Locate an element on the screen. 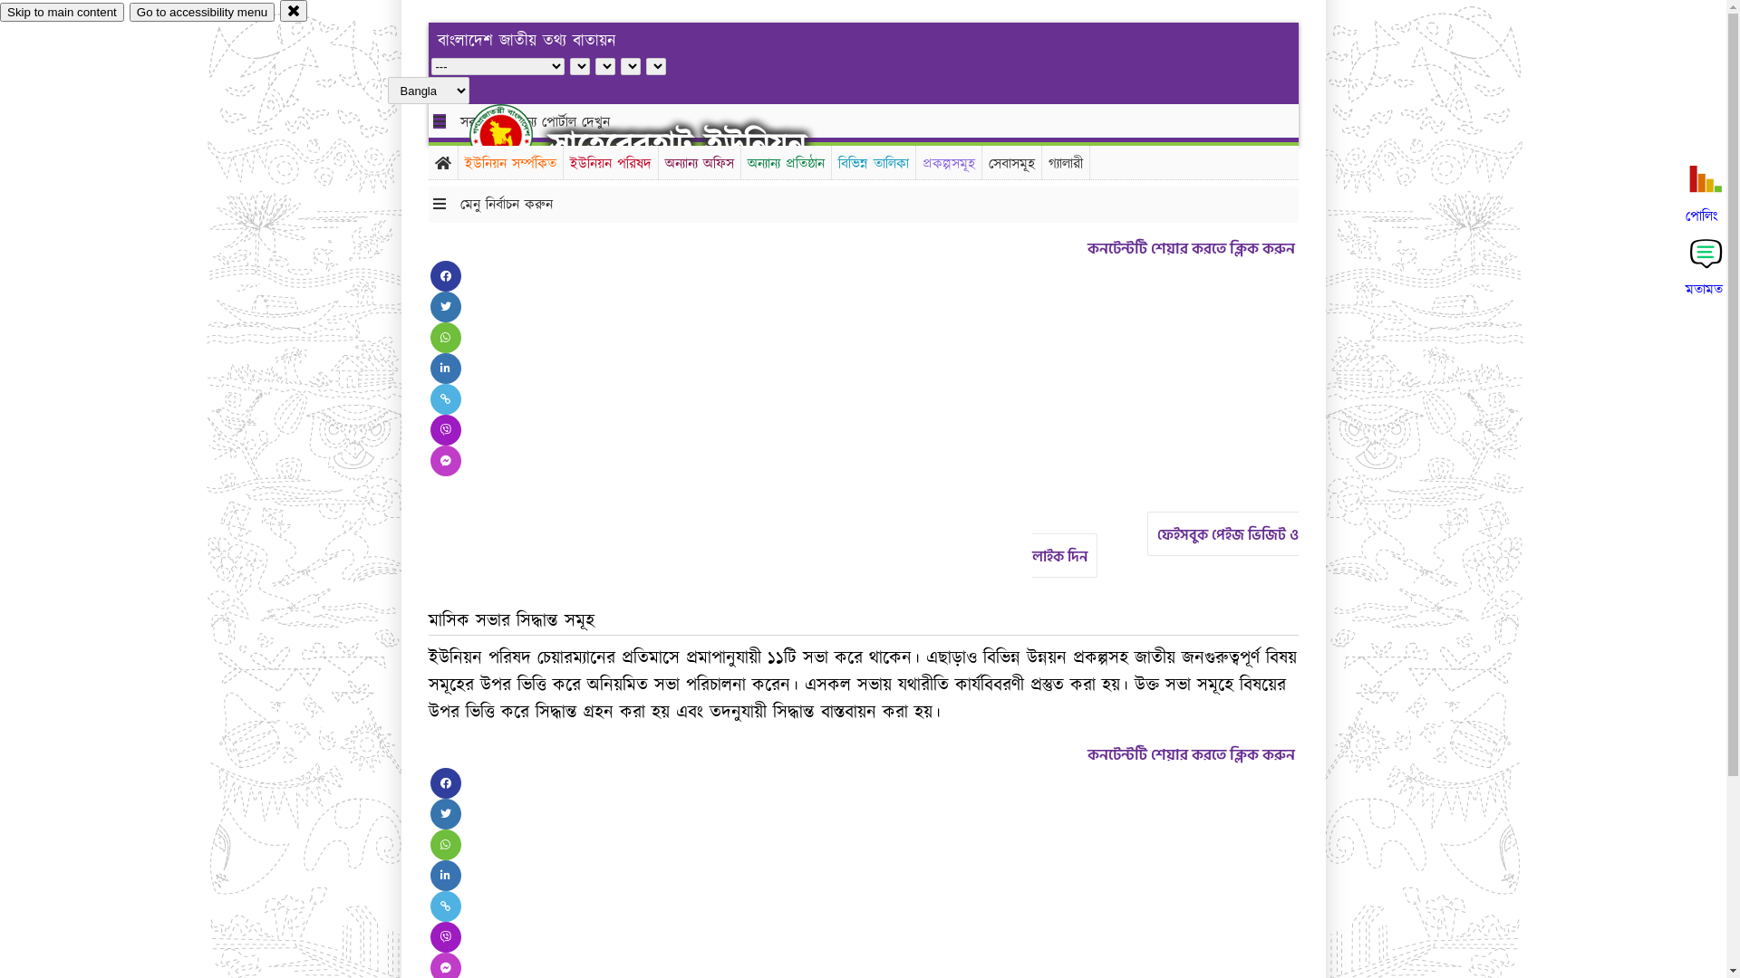  'Go to accessibility menu' is located at coordinates (201, 12).